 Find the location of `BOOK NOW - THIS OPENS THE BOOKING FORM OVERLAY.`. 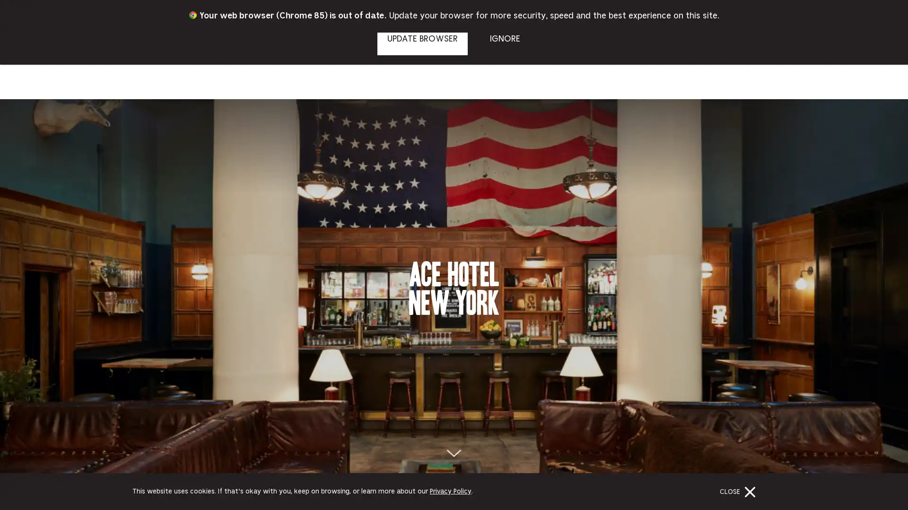

BOOK NOW - THIS OPENS THE BOOKING FORM OVERLAY. is located at coordinates (864, 36).